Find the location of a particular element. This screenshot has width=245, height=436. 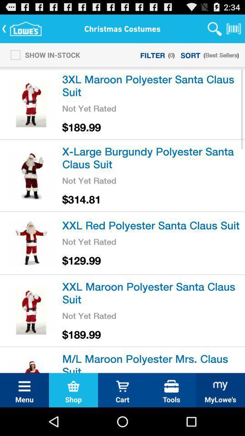

sort icon is located at coordinates (190, 54).